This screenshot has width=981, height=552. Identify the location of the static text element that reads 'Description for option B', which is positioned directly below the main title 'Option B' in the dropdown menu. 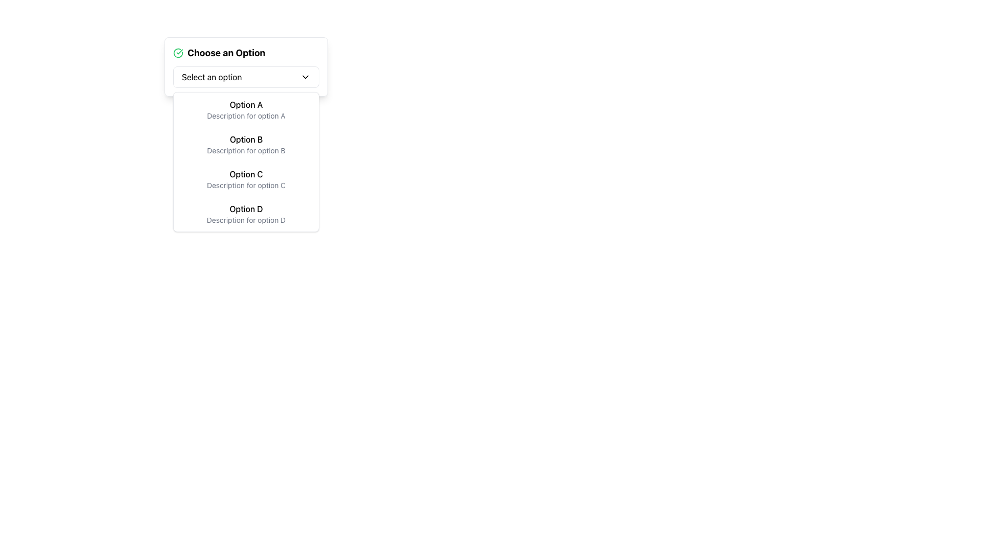
(246, 150).